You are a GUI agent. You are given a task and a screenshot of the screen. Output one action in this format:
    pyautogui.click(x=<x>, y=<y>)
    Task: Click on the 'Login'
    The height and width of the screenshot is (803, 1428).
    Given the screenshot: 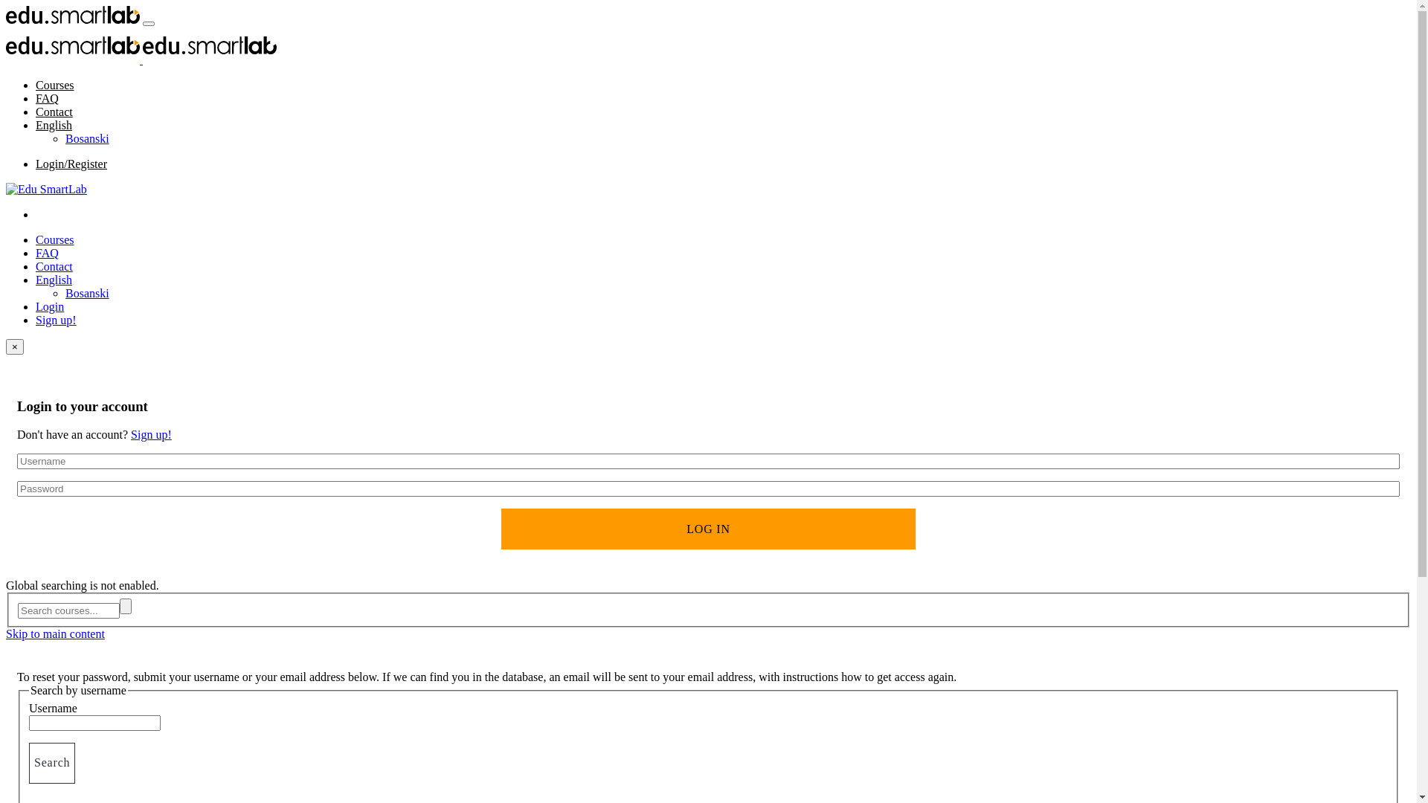 What is the action you would take?
    pyautogui.click(x=50, y=306)
    